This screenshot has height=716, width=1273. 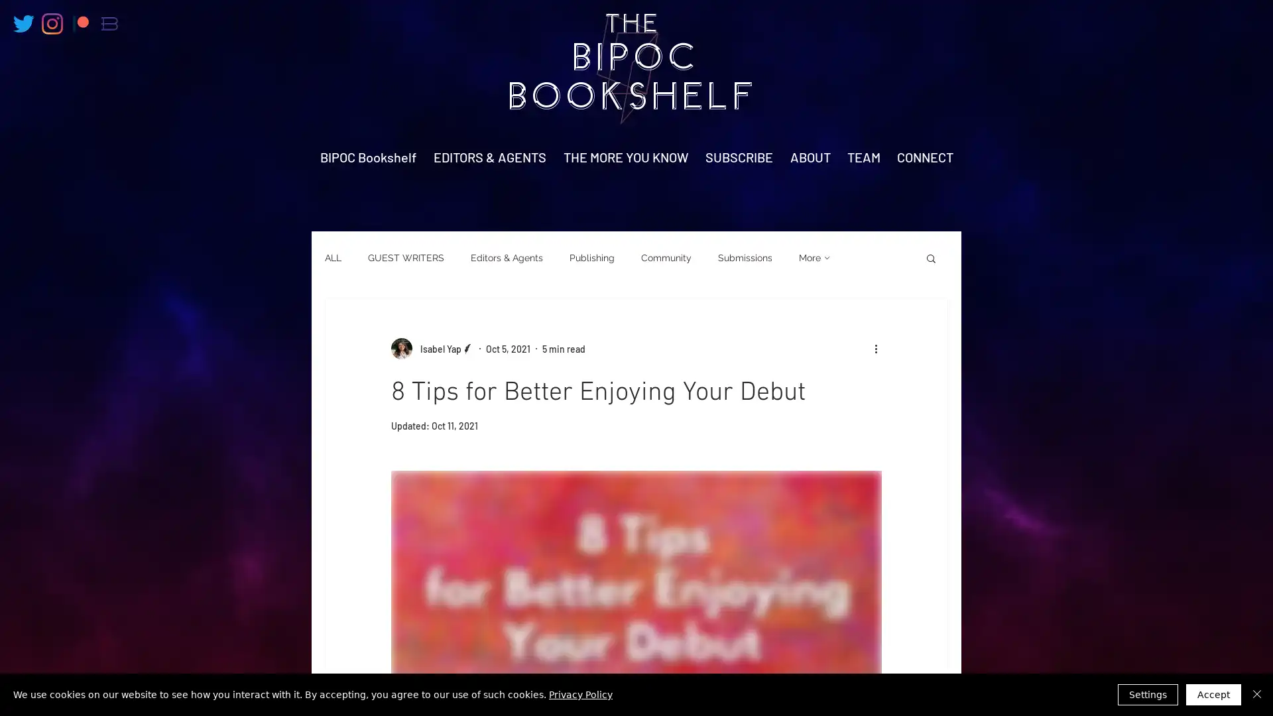 I want to click on ALL, so click(x=333, y=258).